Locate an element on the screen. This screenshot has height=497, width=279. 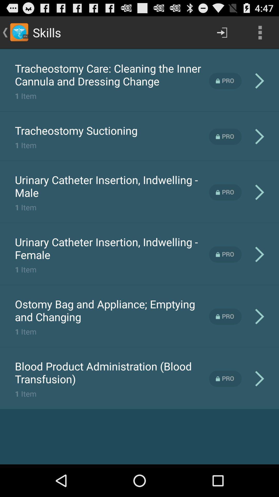
ostomy bag and app is located at coordinates (112, 310).